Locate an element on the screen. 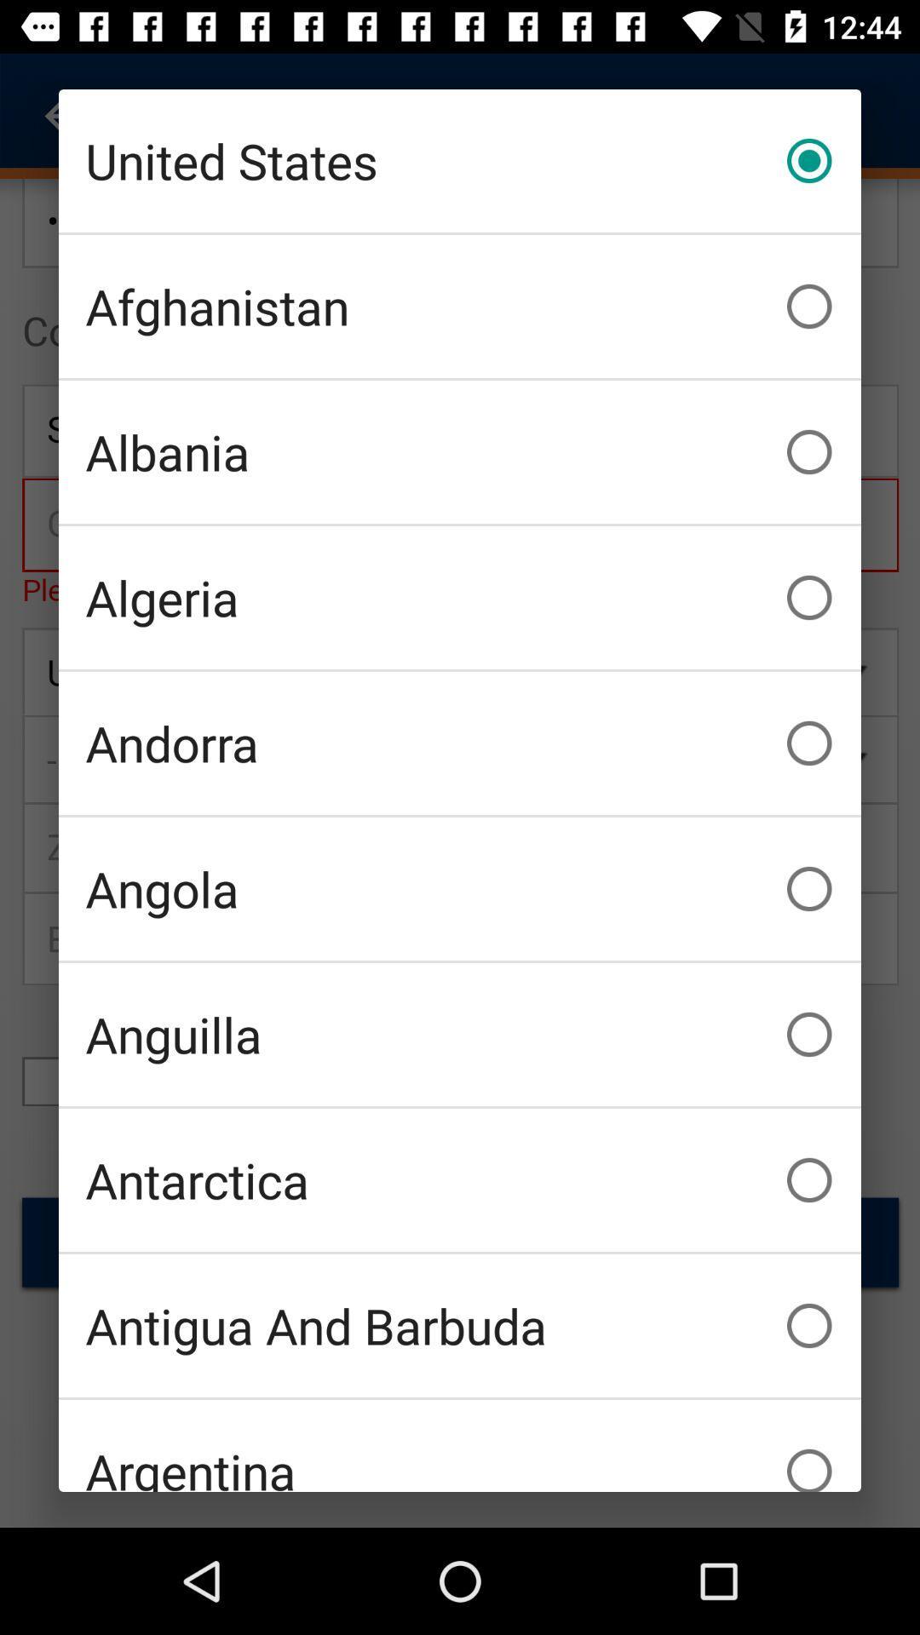 The height and width of the screenshot is (1635, 920). item above the andorra icon is located at coordinates (460, 597).